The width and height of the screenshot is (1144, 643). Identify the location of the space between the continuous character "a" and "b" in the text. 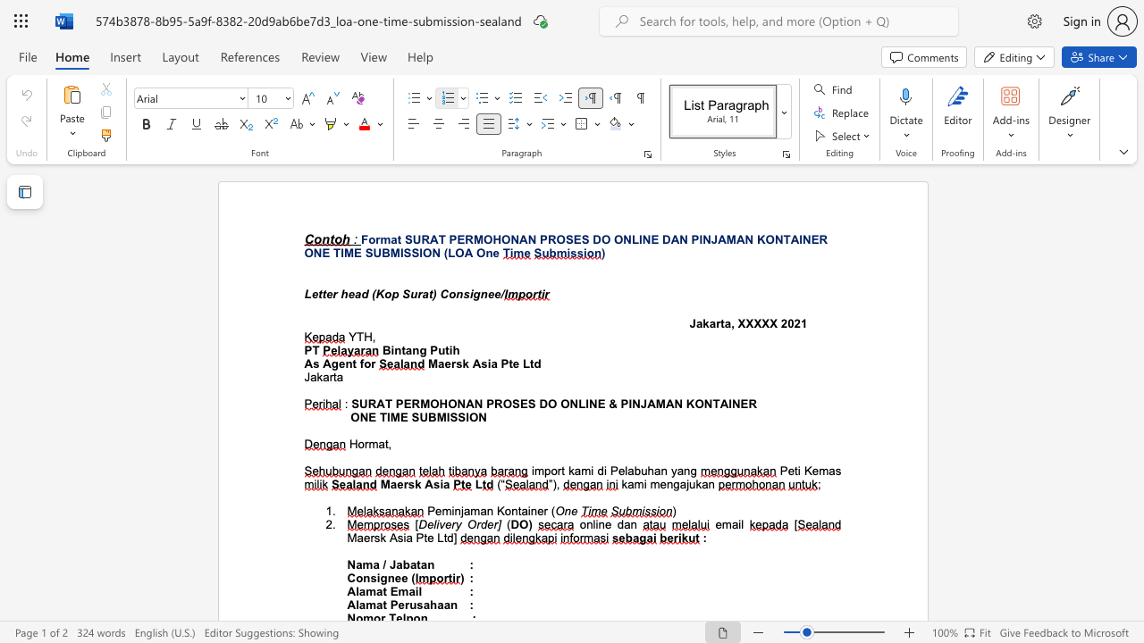
(401, 564).